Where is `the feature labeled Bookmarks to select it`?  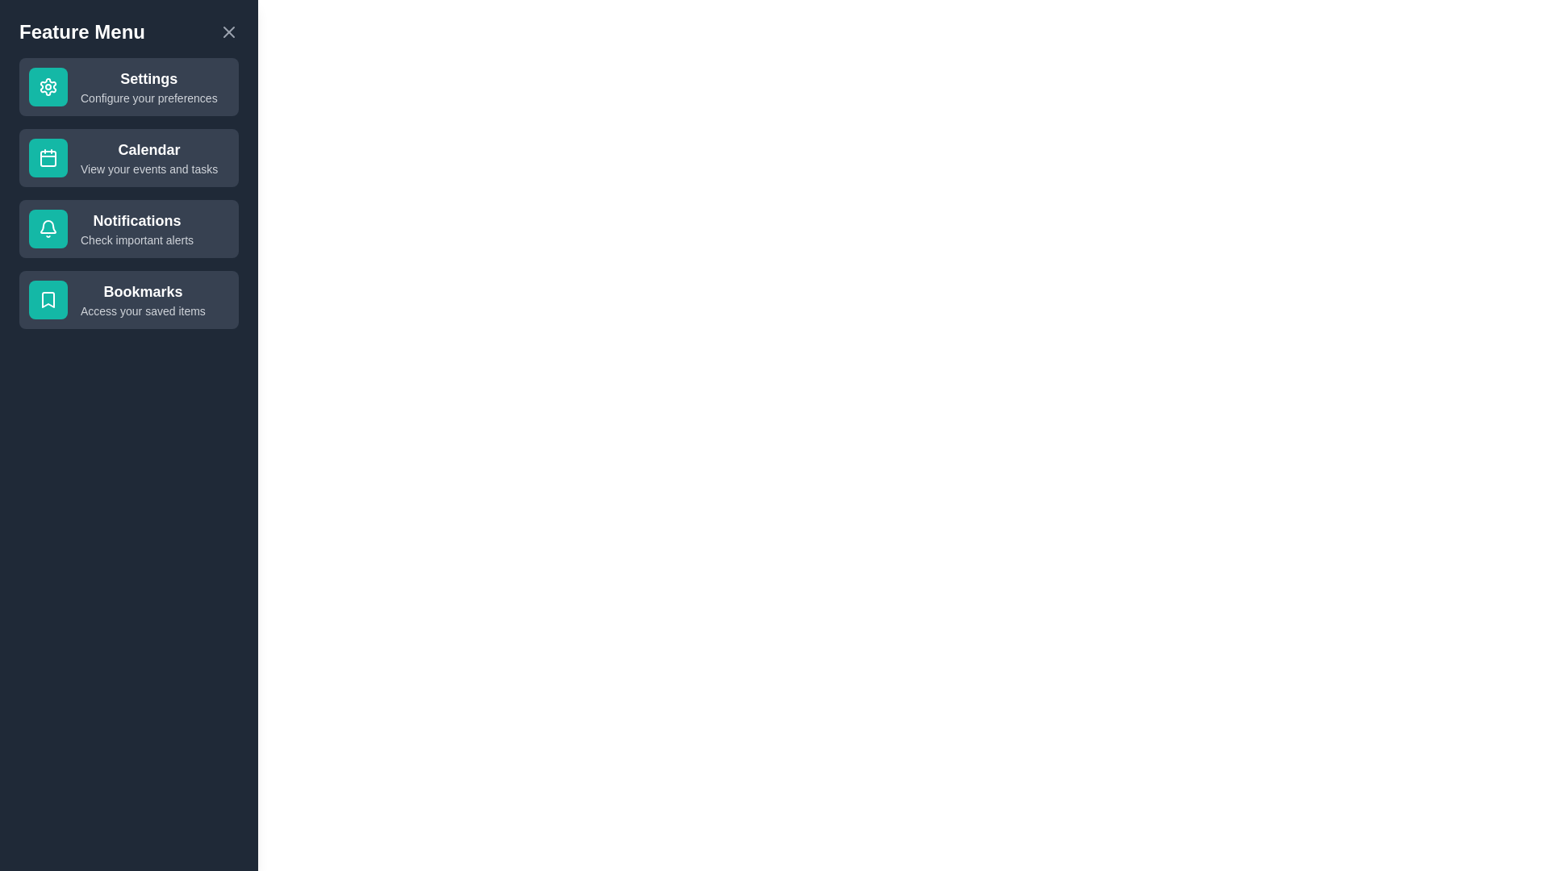 the feature labeled Bookmarks to select it is located at coordinates (127, 299).